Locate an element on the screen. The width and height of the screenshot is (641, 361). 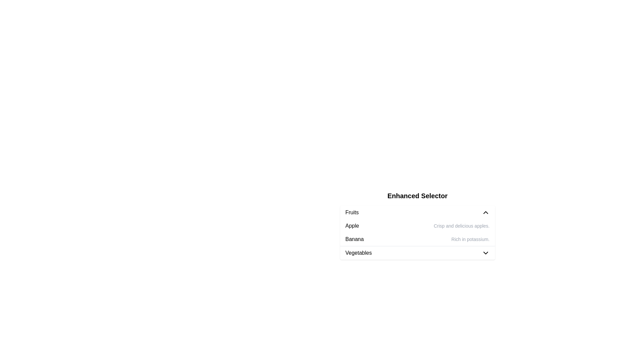
the upward-pointing chevron icon located in the 'Fruits' section's header is located at coordinates (485, 213).